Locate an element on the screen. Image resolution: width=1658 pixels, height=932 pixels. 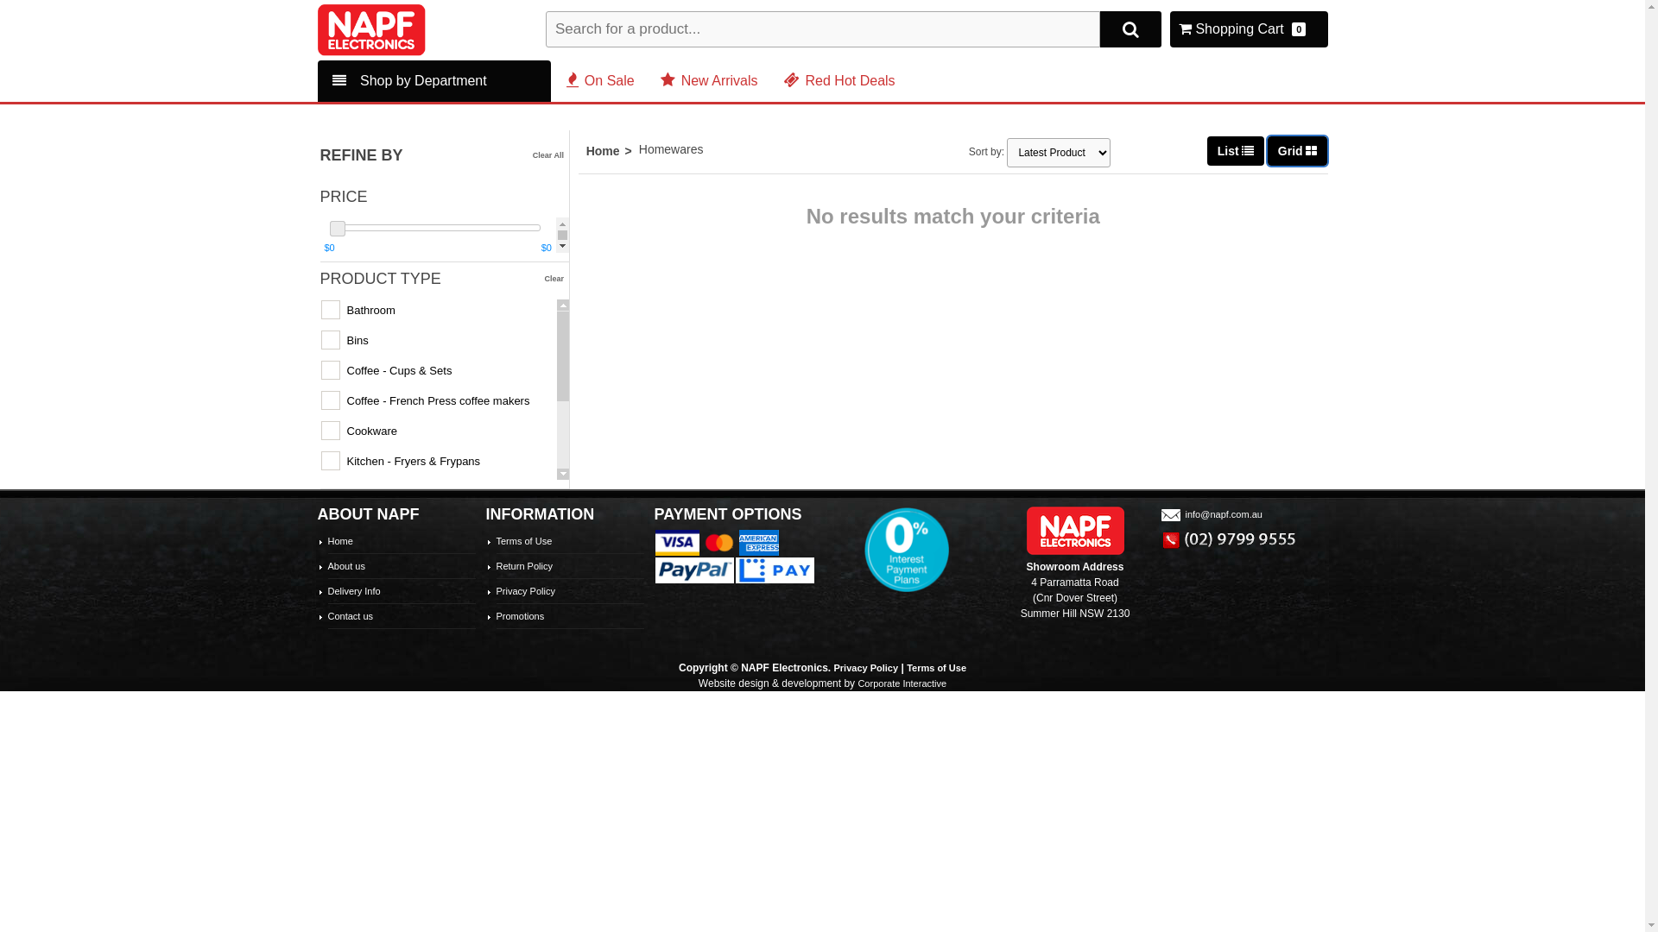
'Red Hot Deals' is located at coordinates (782, 80).